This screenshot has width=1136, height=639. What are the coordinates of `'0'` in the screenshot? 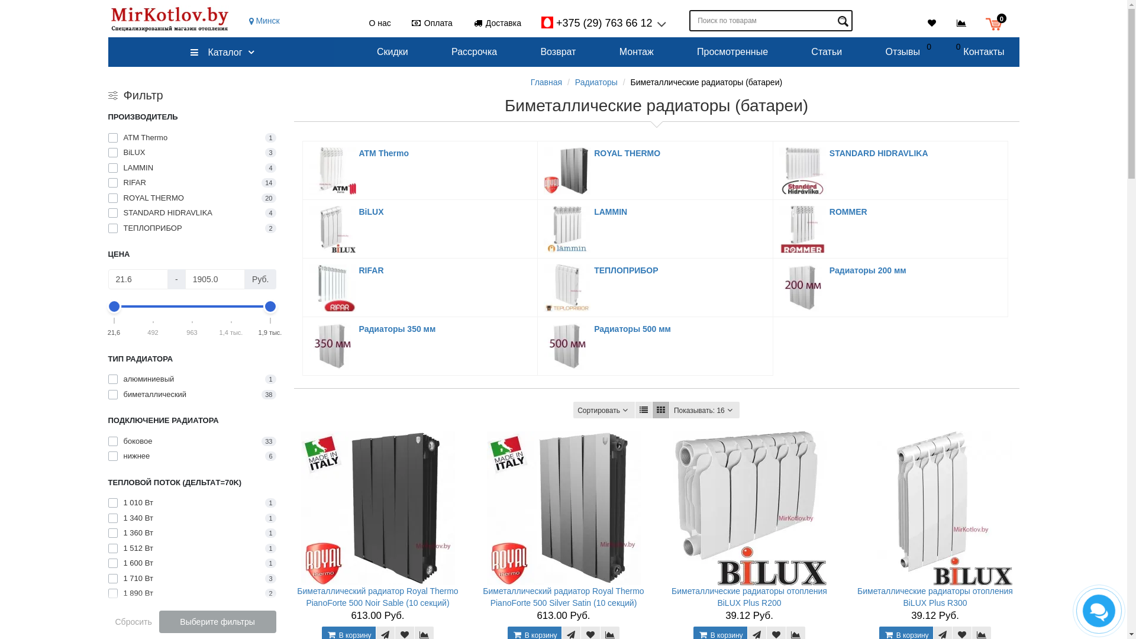 It's located at (996, 22).